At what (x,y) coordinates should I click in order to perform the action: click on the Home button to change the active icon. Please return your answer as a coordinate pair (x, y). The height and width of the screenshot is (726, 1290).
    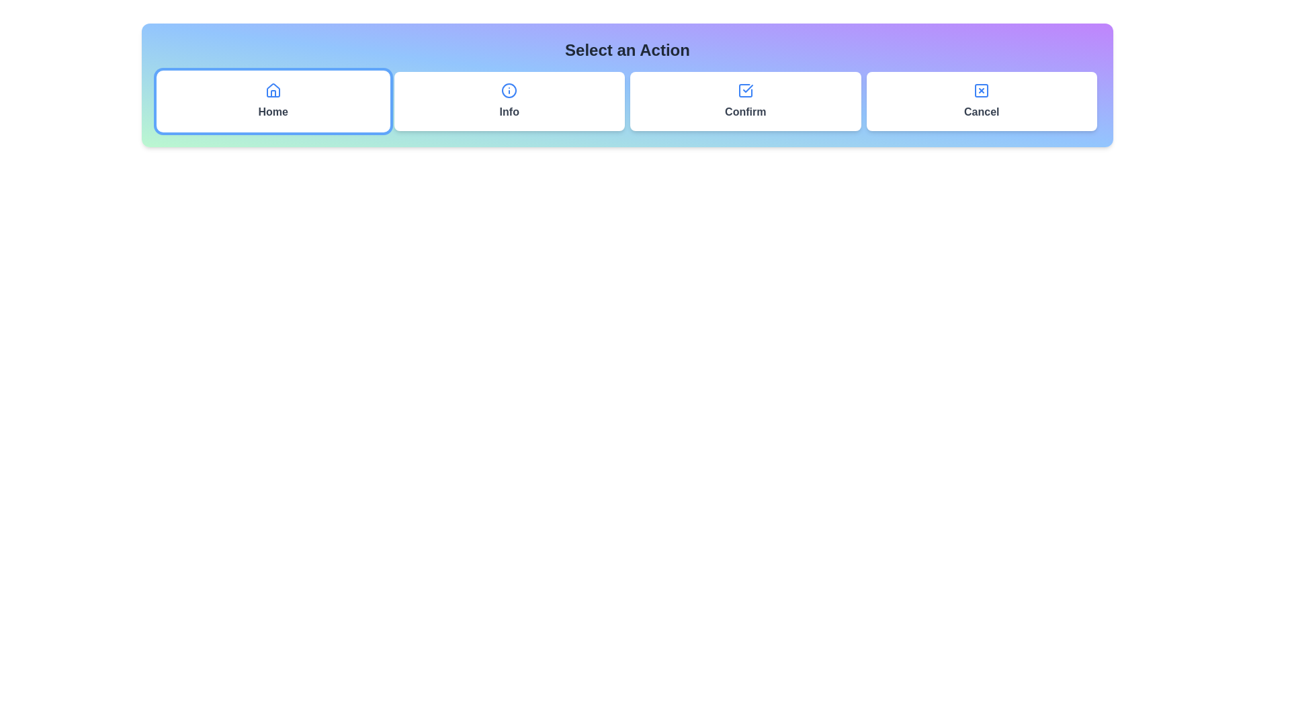
    Looking at the image, I should click on (272, 100).